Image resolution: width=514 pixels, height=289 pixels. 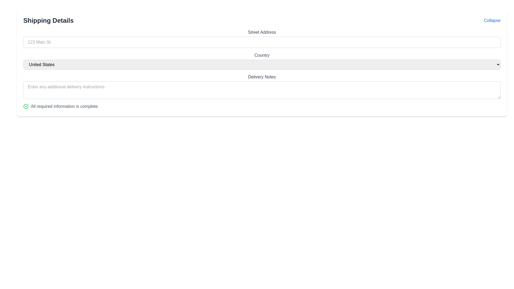 What do you see at coordinates (262, 77) in the screenshot?
I see `the 'Delivery Notes' label, which is styled with a gray font and located above the text field for additional delivery instructions` at bounding box center [262, 77].